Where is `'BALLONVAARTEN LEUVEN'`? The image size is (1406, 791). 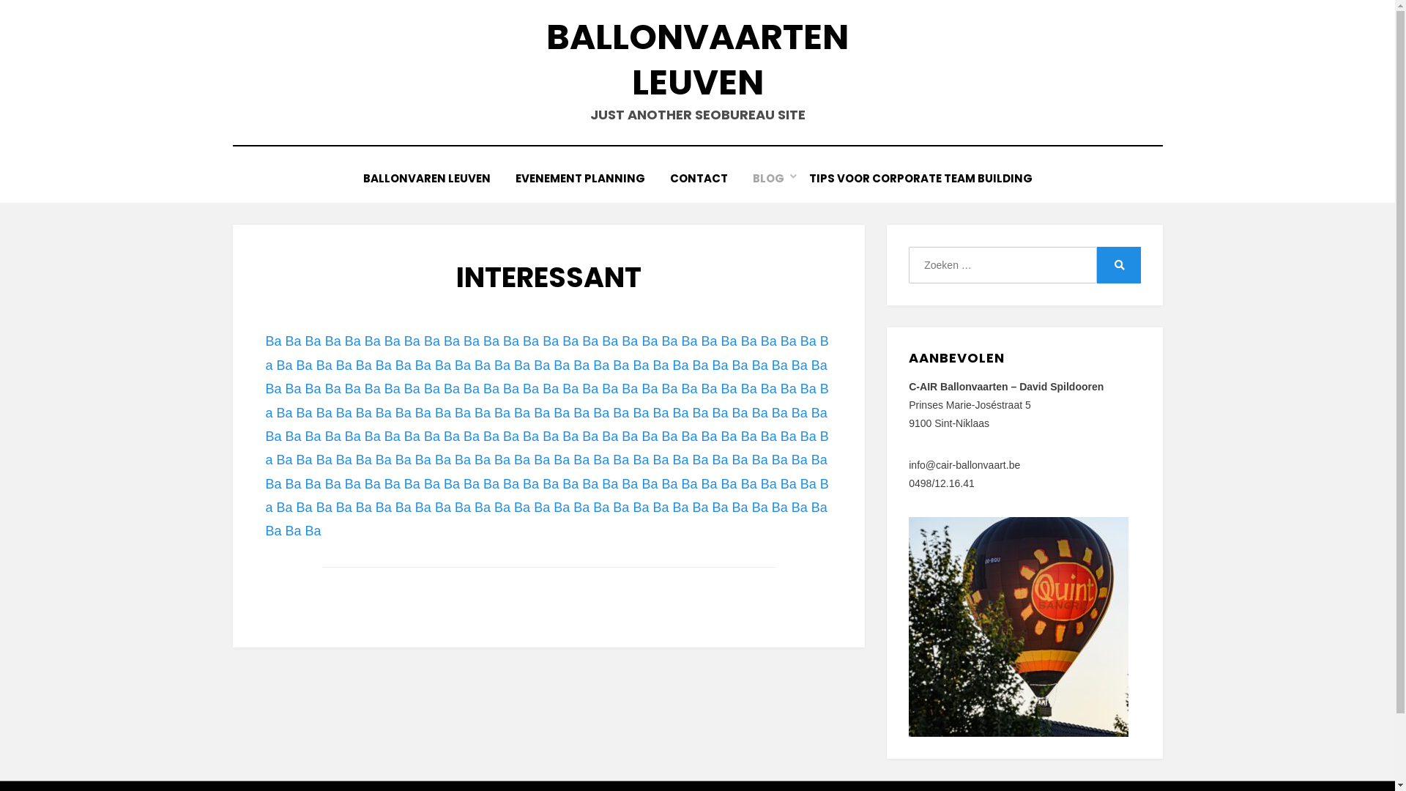
'BALLONVAARTEN LEUVEN' is located at coordinates (696, 59).